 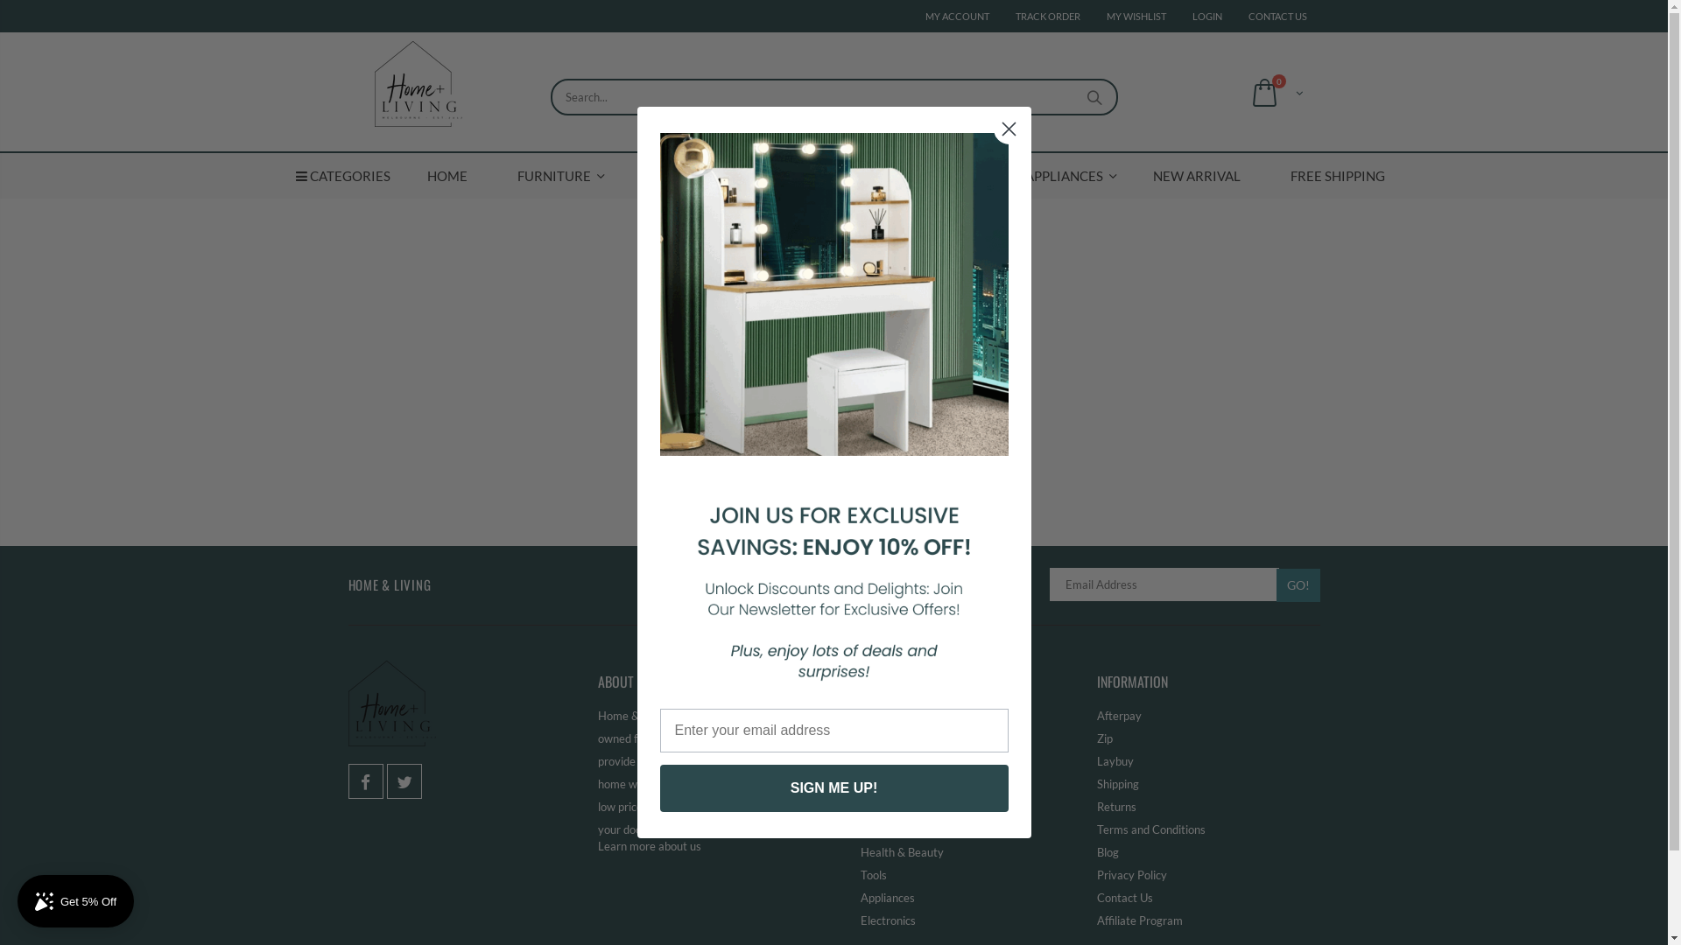 What do you see at coordinates (1063, 175) in the screenshot?
I see `'APPLIANCES'` at bounding box center [1063, 175].